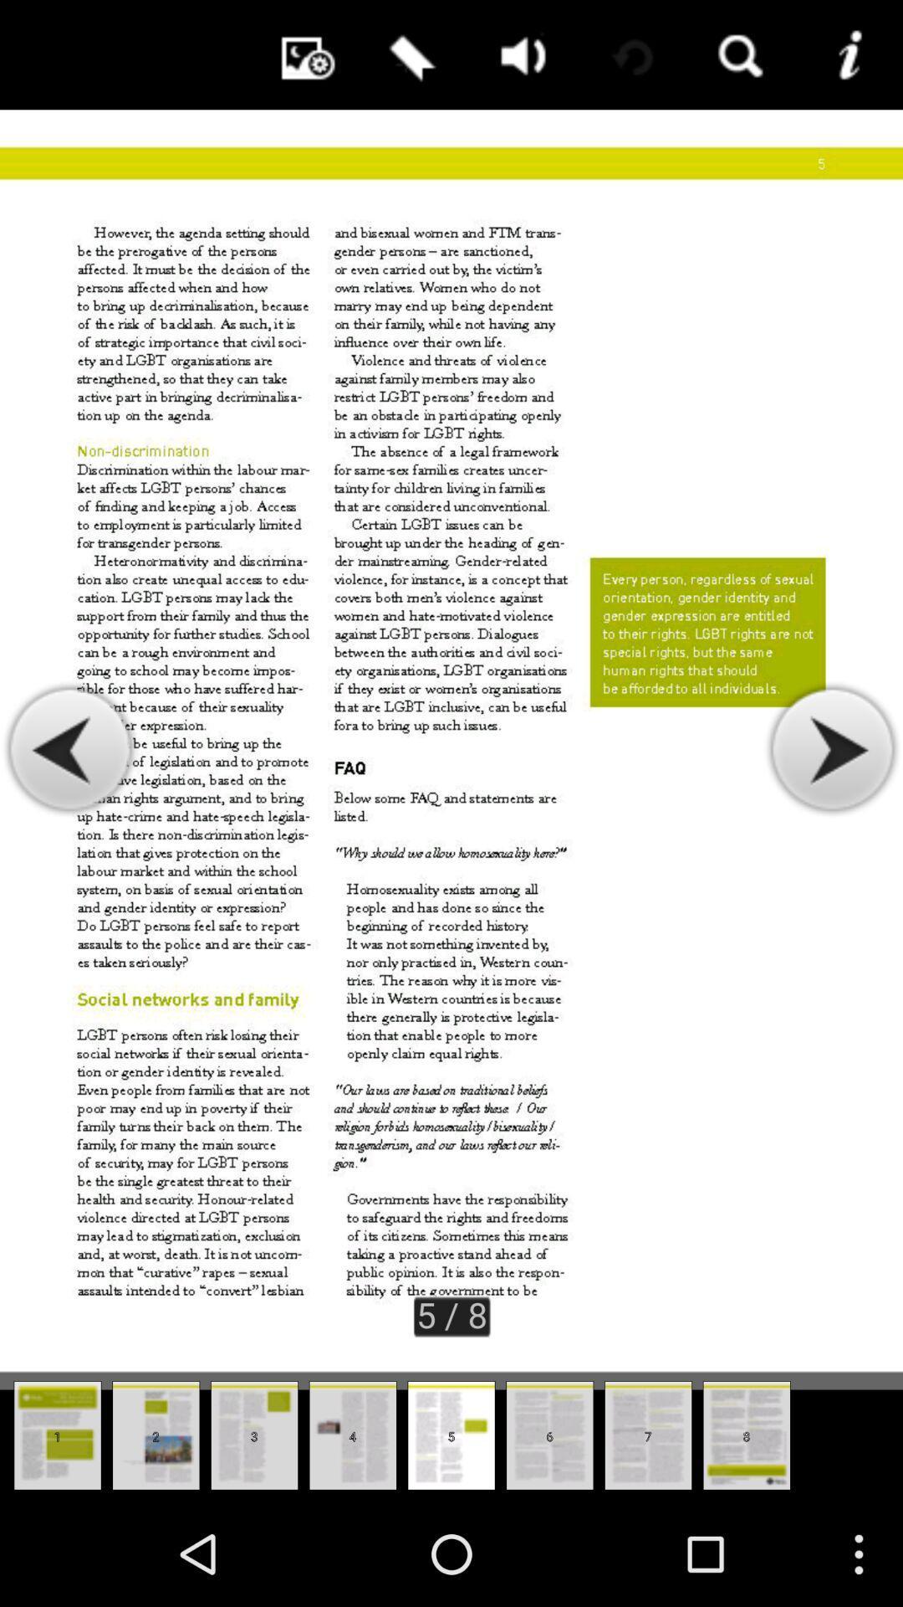  Describe the element at coordinates (831, 802) in the screenshot. I see `the navigation icon` at that location.